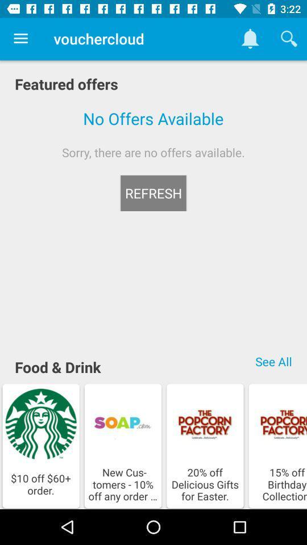 The height and width of the screenshot is (545, 307). Describe the element at coordinates (20, 39) in the screenshot. I see `item to the left of the vouchercloud` at that location.